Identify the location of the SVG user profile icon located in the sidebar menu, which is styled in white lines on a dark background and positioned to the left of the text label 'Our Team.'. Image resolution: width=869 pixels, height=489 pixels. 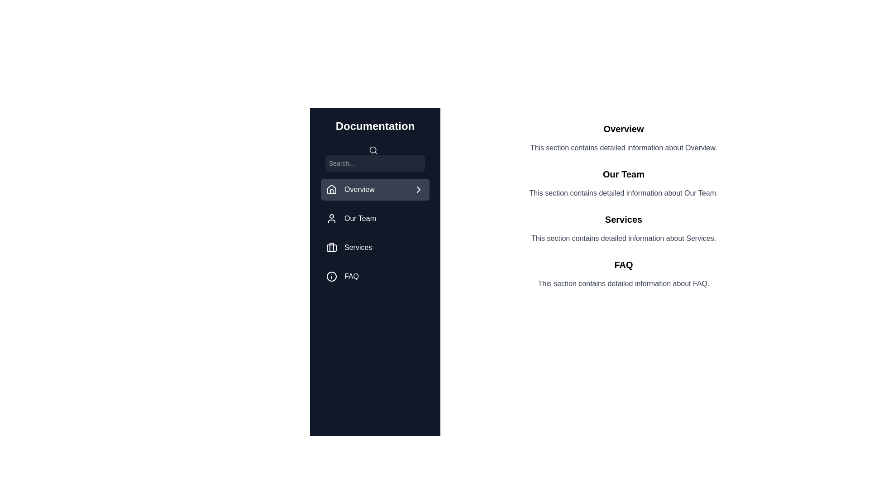
(331, 218).